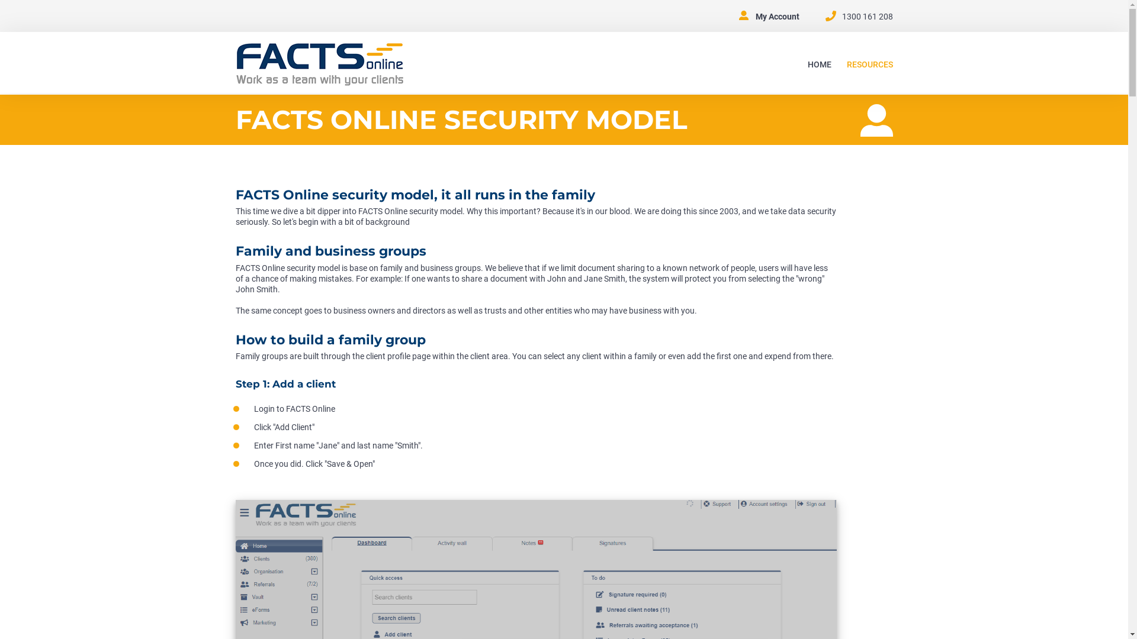 The image size is (1137, 639). Describe the element at coordinates (778, 16) in the screenshot. I see `'My Account'` at that location.